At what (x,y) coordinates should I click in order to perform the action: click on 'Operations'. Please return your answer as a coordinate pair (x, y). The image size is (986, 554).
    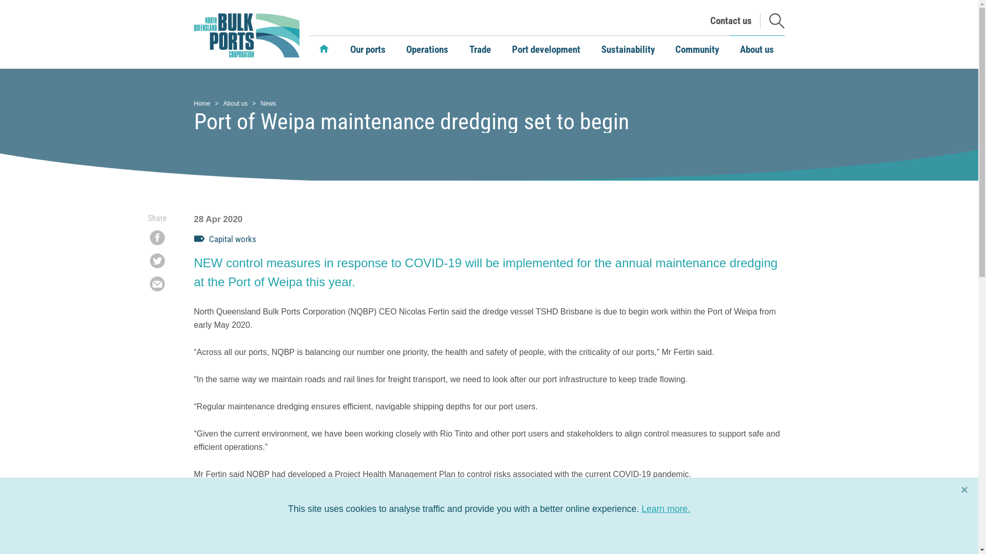
    Looking at the image, I should click on (427, 50).